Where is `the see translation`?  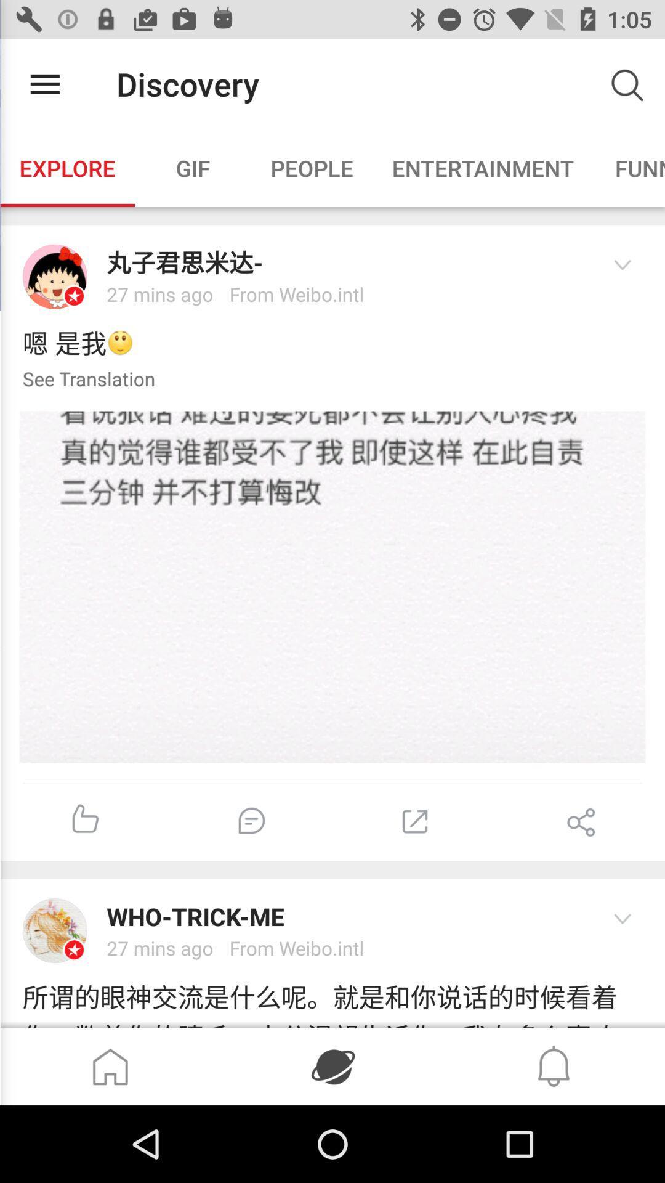 the see translation is located at coordinates (78, 380).